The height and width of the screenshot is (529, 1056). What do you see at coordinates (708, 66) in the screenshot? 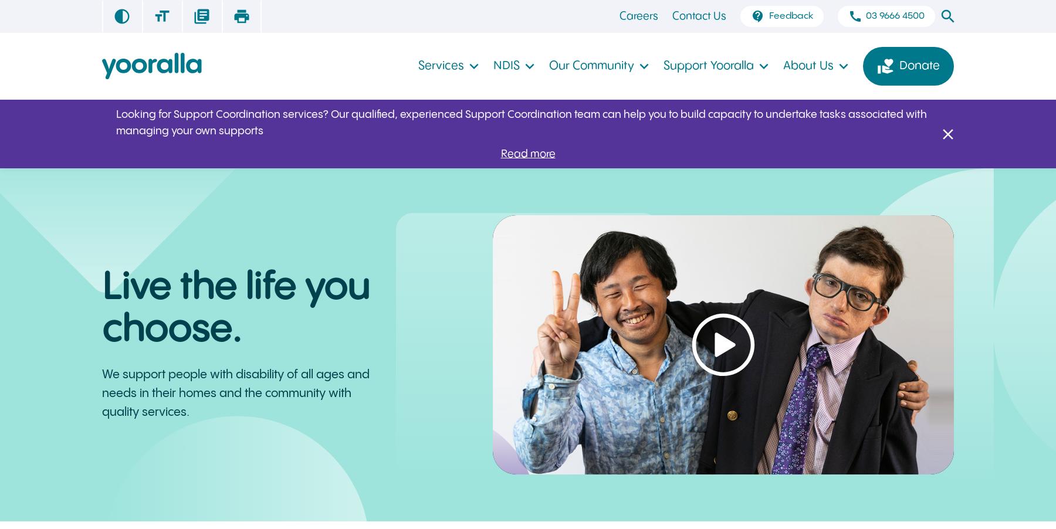
I see `'Support Yooralla'` at bounding box center [708, 66].